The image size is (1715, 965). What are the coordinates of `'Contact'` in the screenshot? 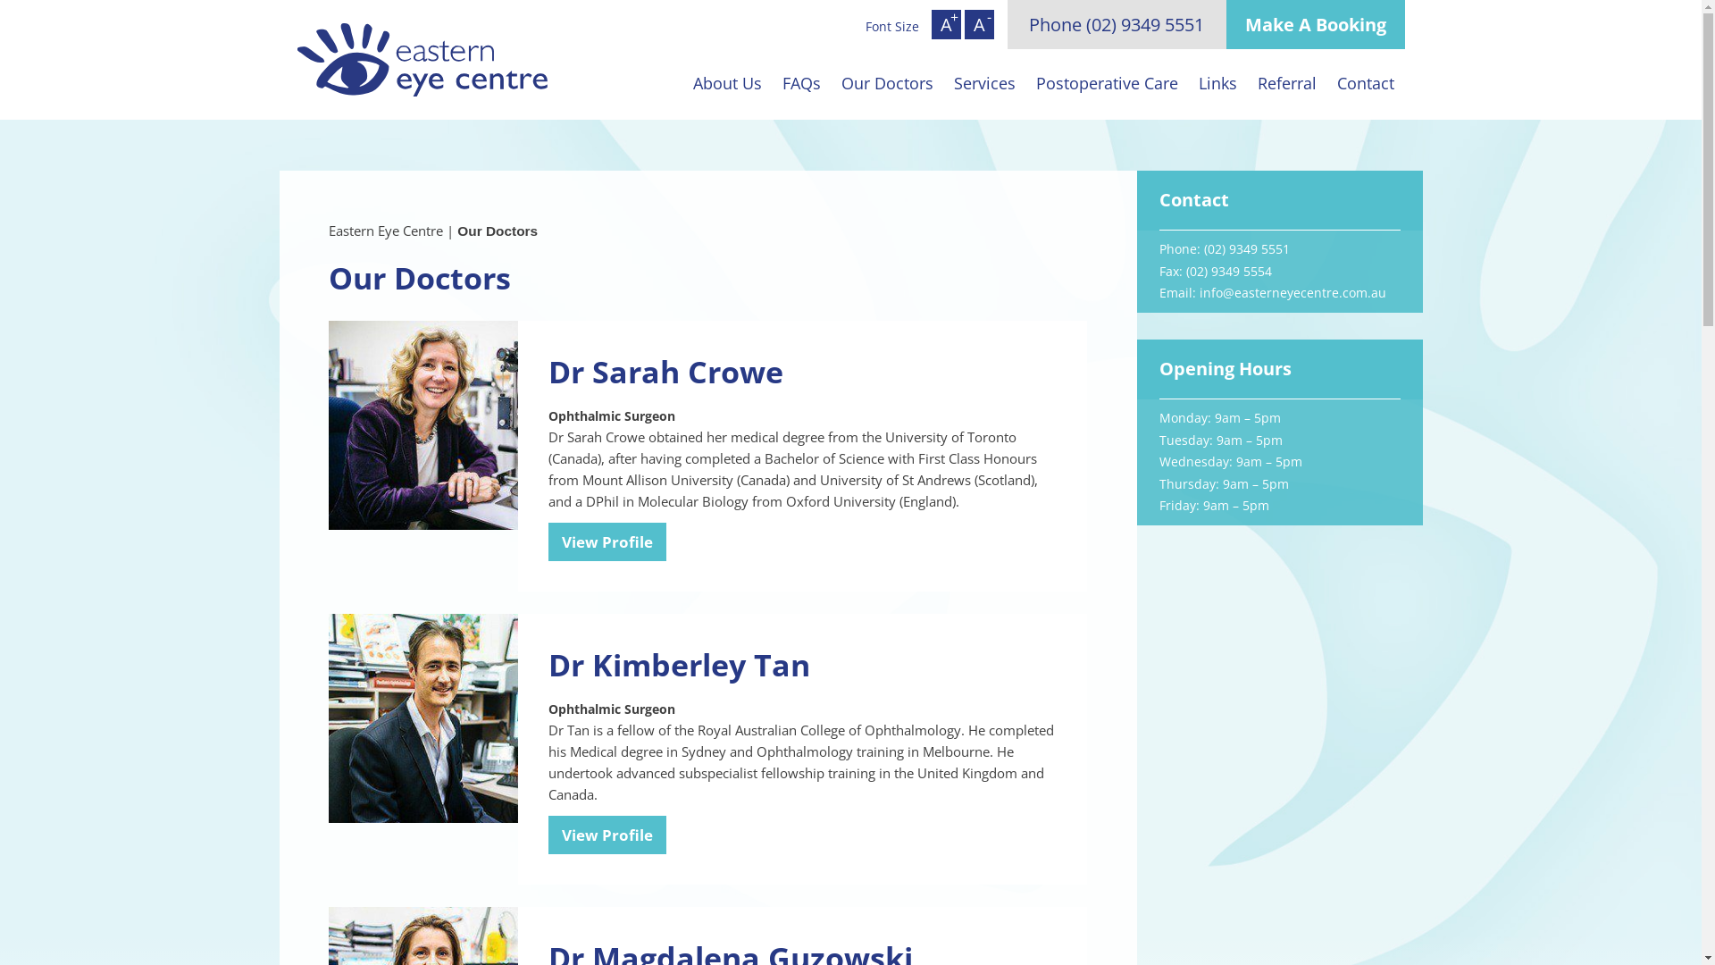 It's located at (1365, 82).